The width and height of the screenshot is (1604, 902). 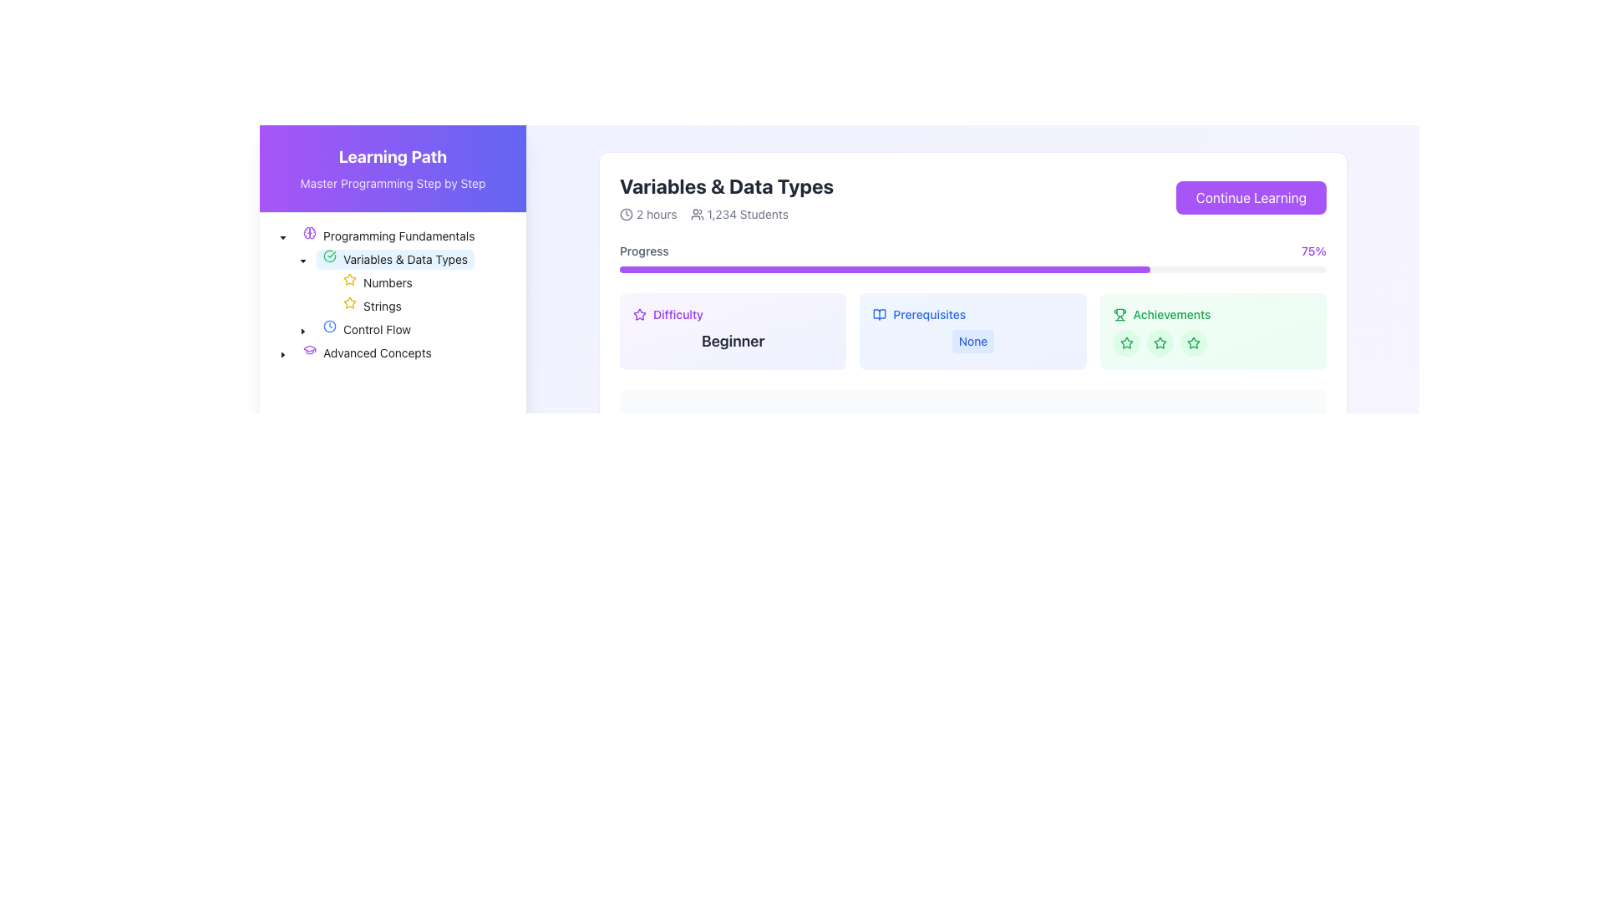 I want to click on the progress bar indicating 75% completion in the 'Variables & Data Types' section for accessibility, so click(x=973, y=257).